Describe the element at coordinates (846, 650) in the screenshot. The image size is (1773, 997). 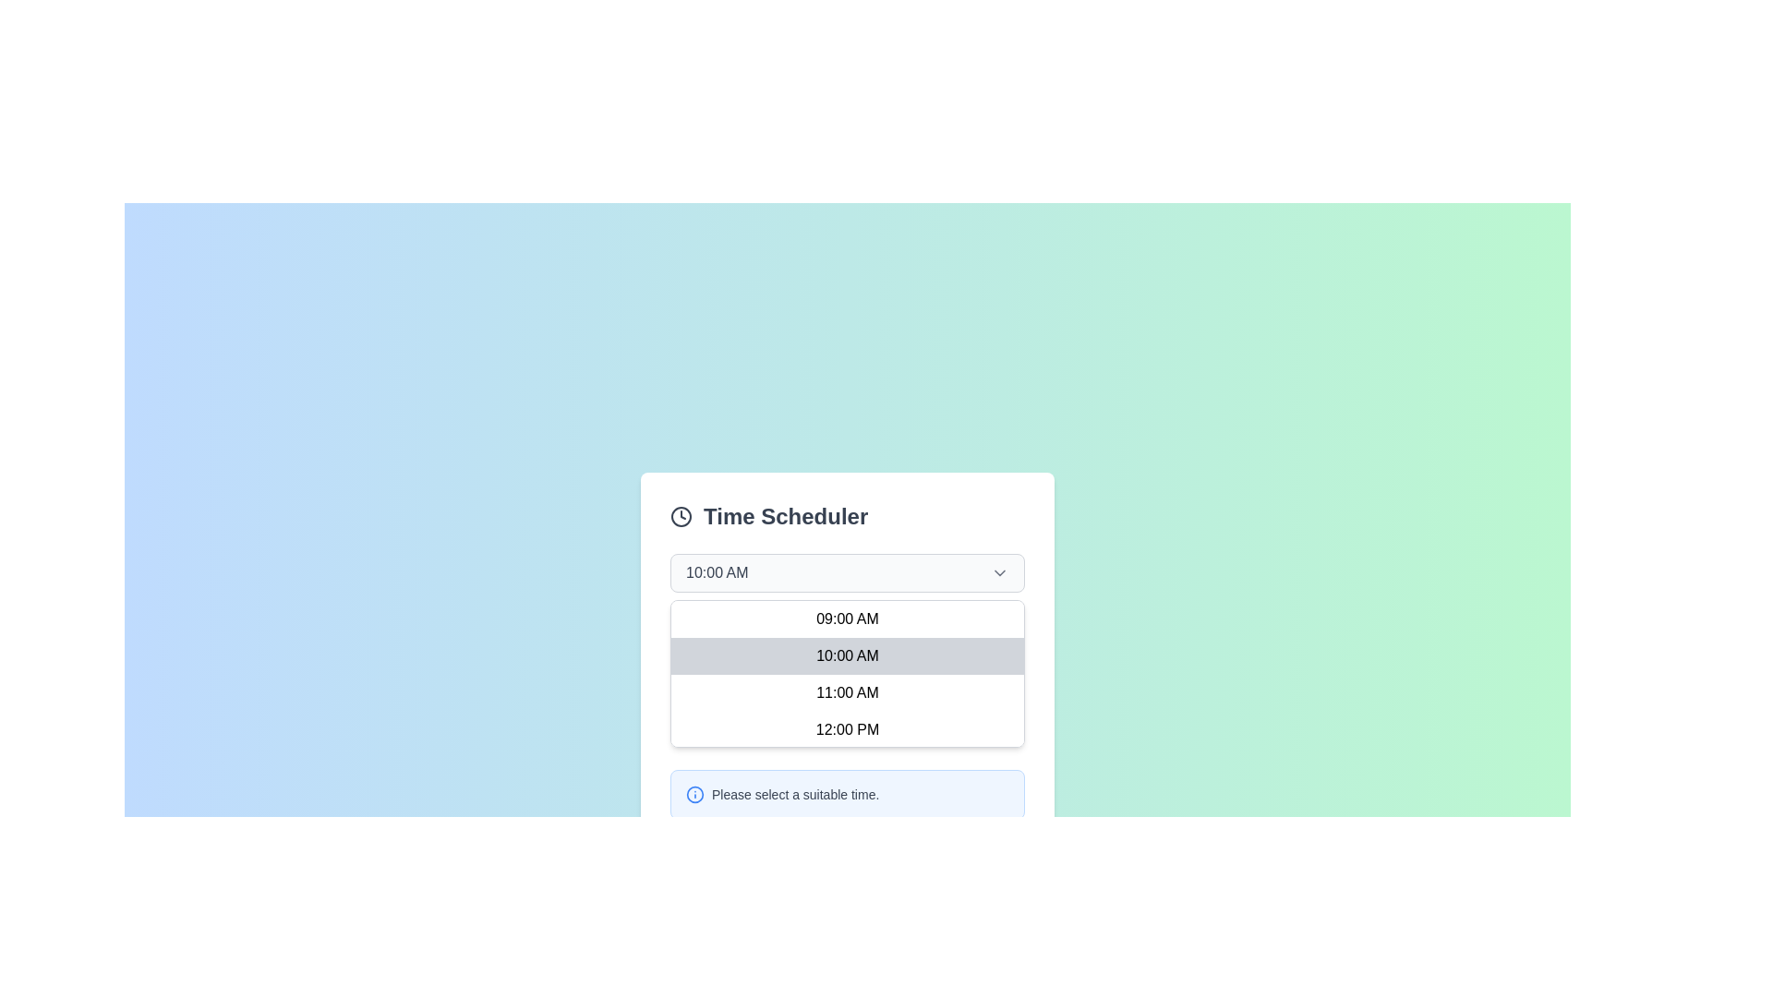
I see `the time slot displaying '10:00 AM' in the dropdown menu` at that location.